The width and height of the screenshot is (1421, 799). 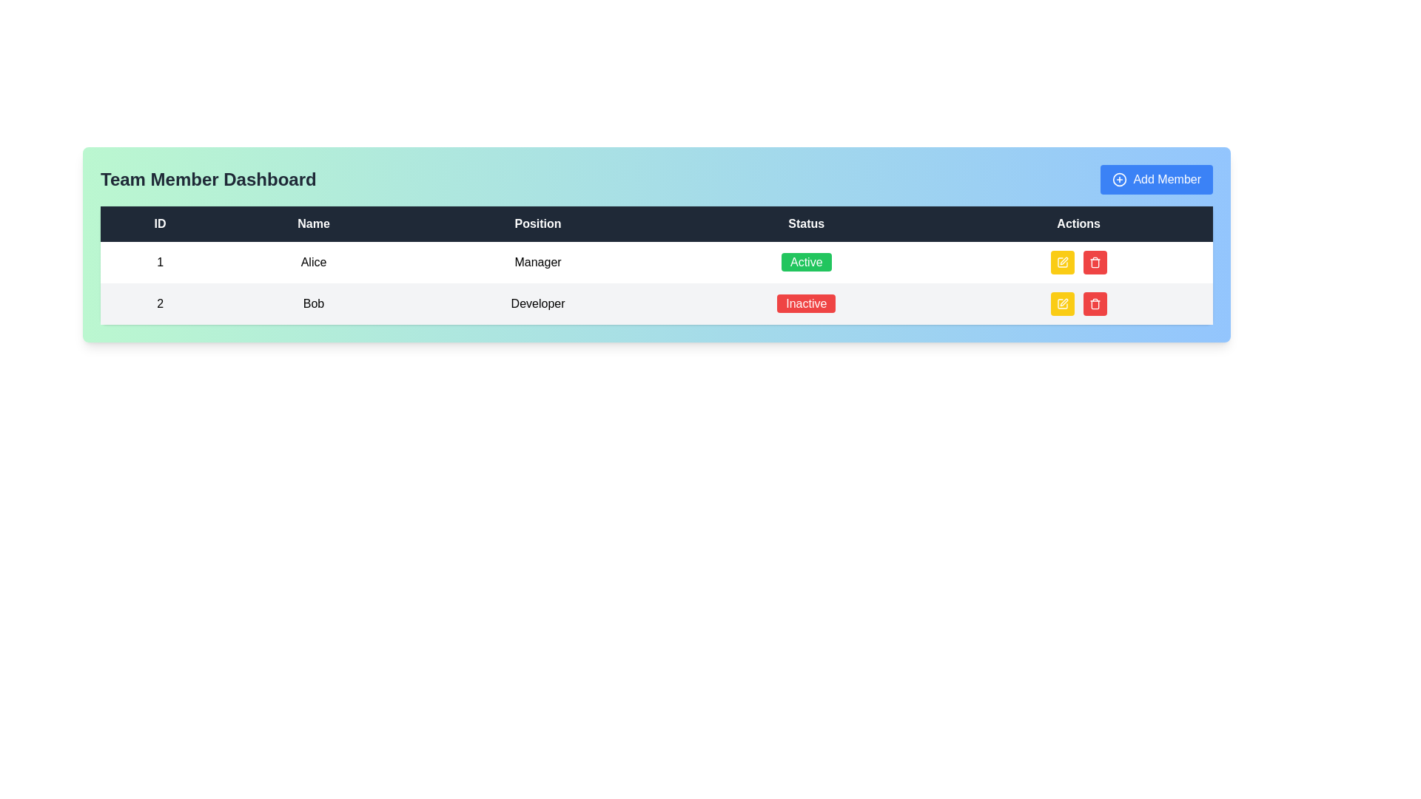 I want to click on the text label displaying the number '2' located in the second row of the data table under the 'ID' column, so click(x=160, y=303).